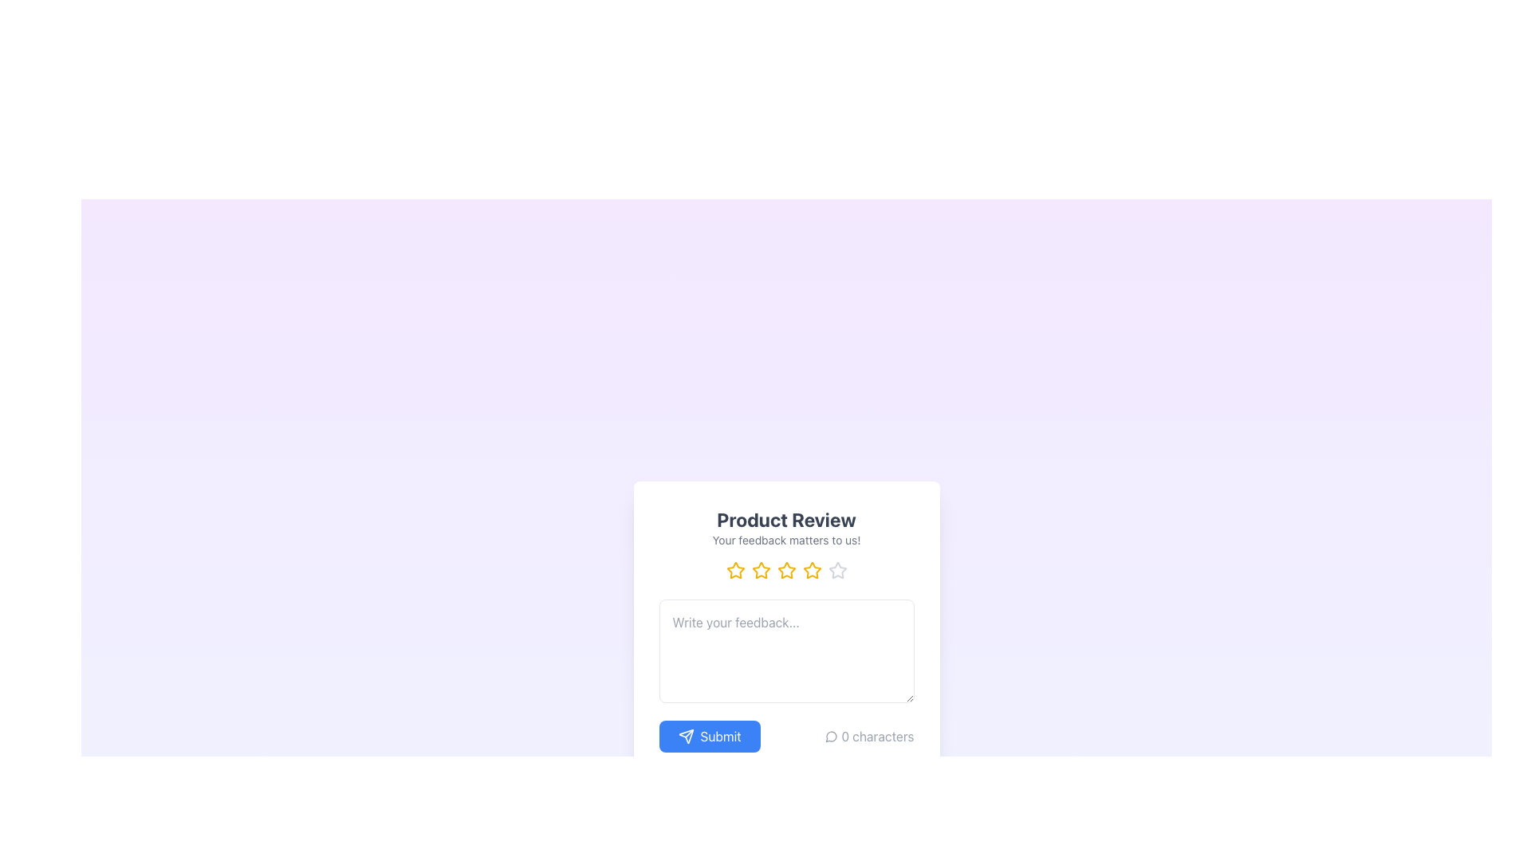  Describe the element at coordinates (760, 570) in the screenshot. I see `the third star in the rating system` at that location.